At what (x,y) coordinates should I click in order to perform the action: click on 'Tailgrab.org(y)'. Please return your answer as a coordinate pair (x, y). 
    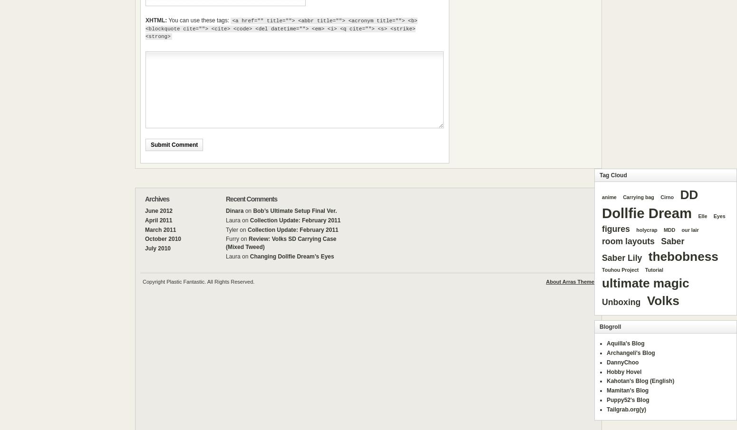
    Looking at the image, I should click on (626, 409).